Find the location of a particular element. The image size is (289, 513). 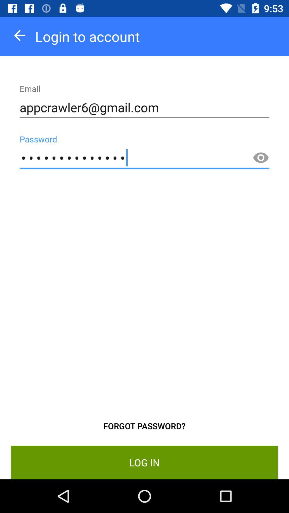

the icon below login to account is located at coordinates (144, 107).